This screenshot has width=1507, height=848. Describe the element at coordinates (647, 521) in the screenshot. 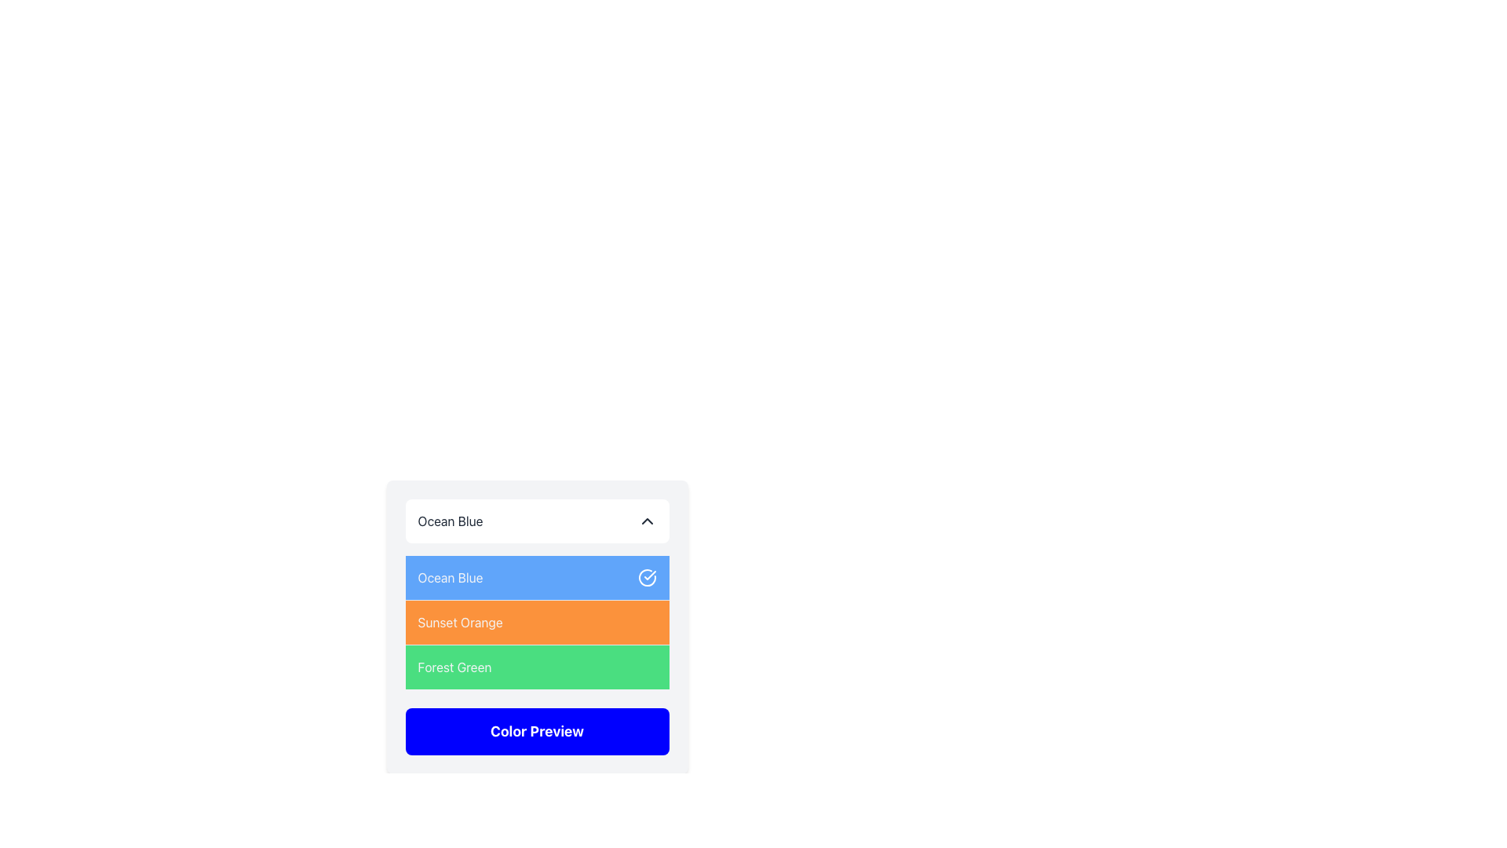

I see `Dropdown toggle icon located at the far right of the white rectangular box labeled 'Ocean Blue' for additional actions` at that location.